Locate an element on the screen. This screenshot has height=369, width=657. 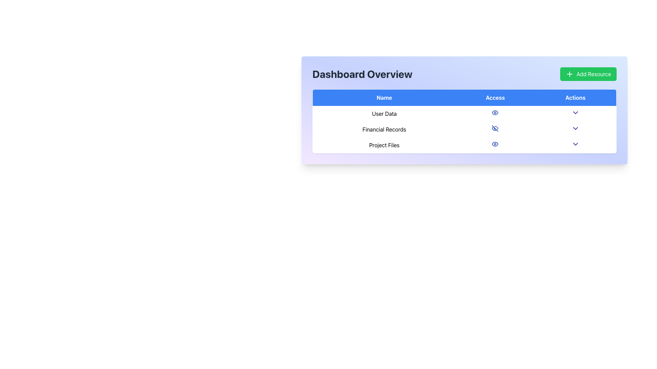
the dropdown trigger icon located in the third row of the table under the 'Actions' column is located at coordinates (575, 143).